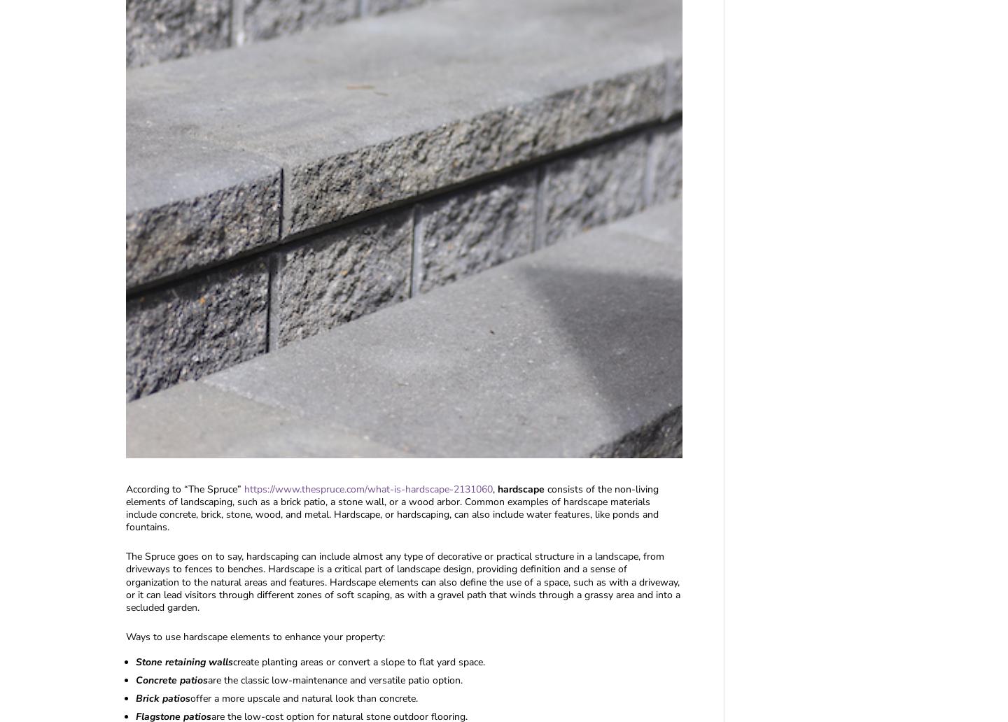 This screenshot has width=1008, height=722. I want to click on 'Ways to use hardscape elements to enhance your property:', so click(255, 636).